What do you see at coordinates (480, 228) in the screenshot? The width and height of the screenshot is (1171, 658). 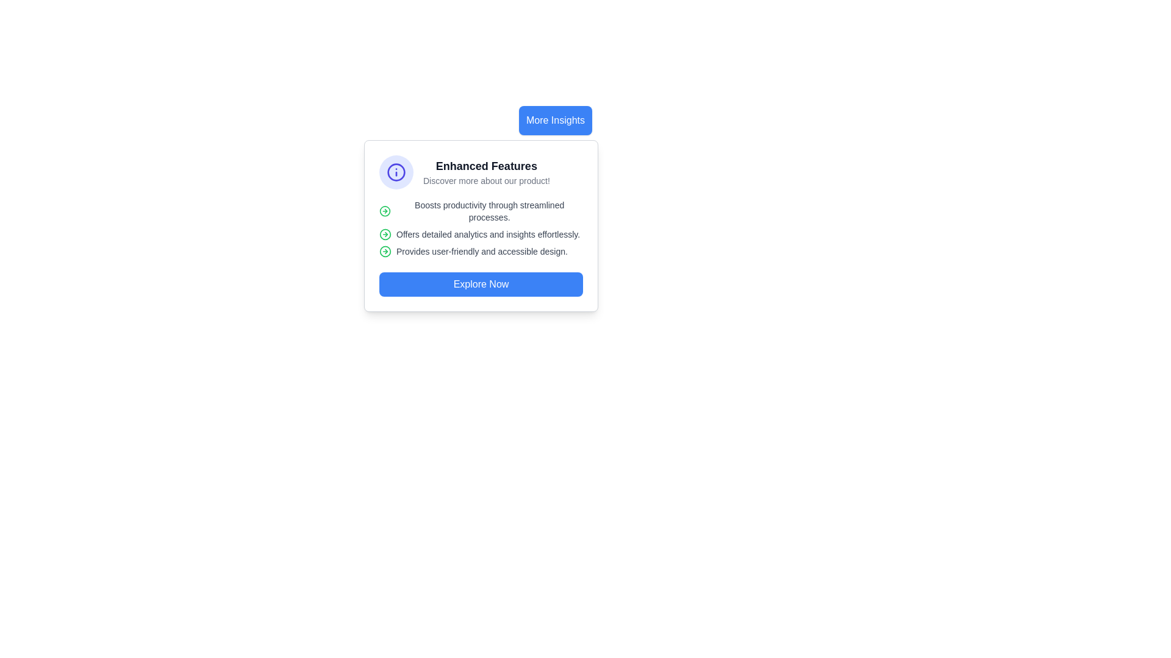 I see `information in the vertically stacked text block containing three bullet points about productivity, analytics, and design, located below the heading 'Enhanced Features' and above the 'Explore Now' button` at bounding box center [480, 228].